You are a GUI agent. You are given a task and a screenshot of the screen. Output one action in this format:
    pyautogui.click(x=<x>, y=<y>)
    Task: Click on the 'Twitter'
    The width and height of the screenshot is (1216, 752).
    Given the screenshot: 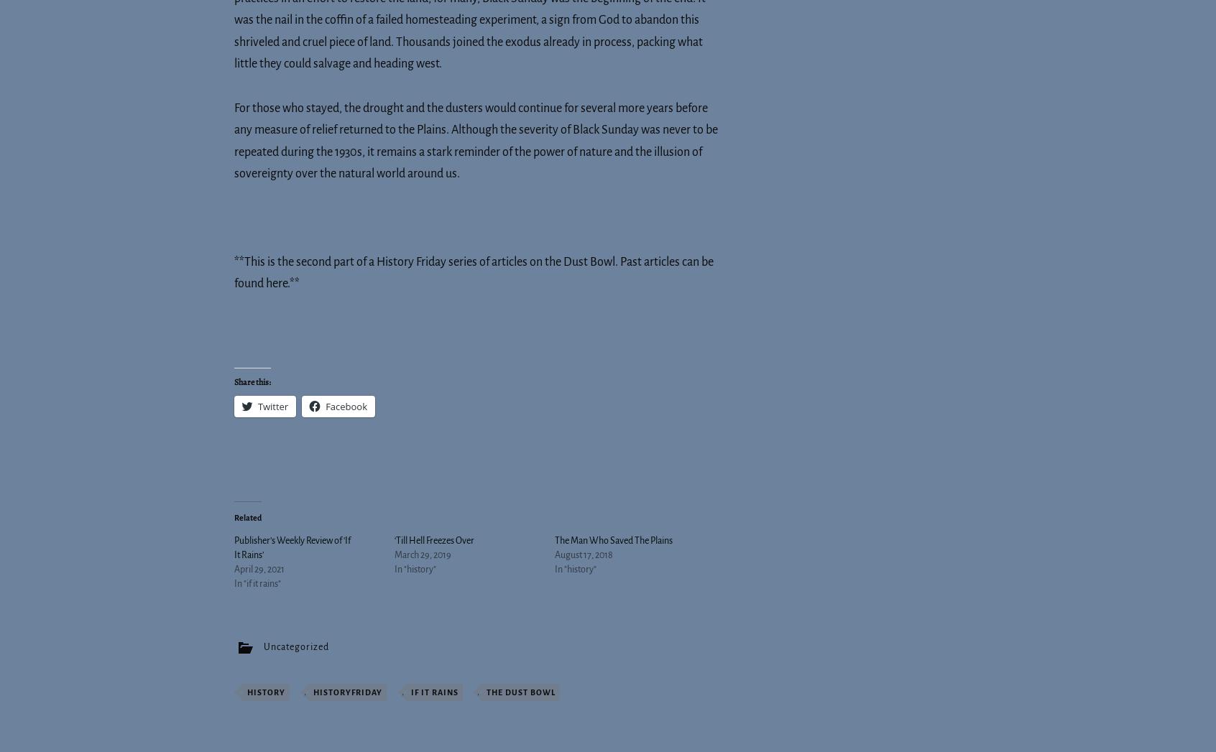 What is the action you would take?
    pyautogui.click(x=273, y=407)
    